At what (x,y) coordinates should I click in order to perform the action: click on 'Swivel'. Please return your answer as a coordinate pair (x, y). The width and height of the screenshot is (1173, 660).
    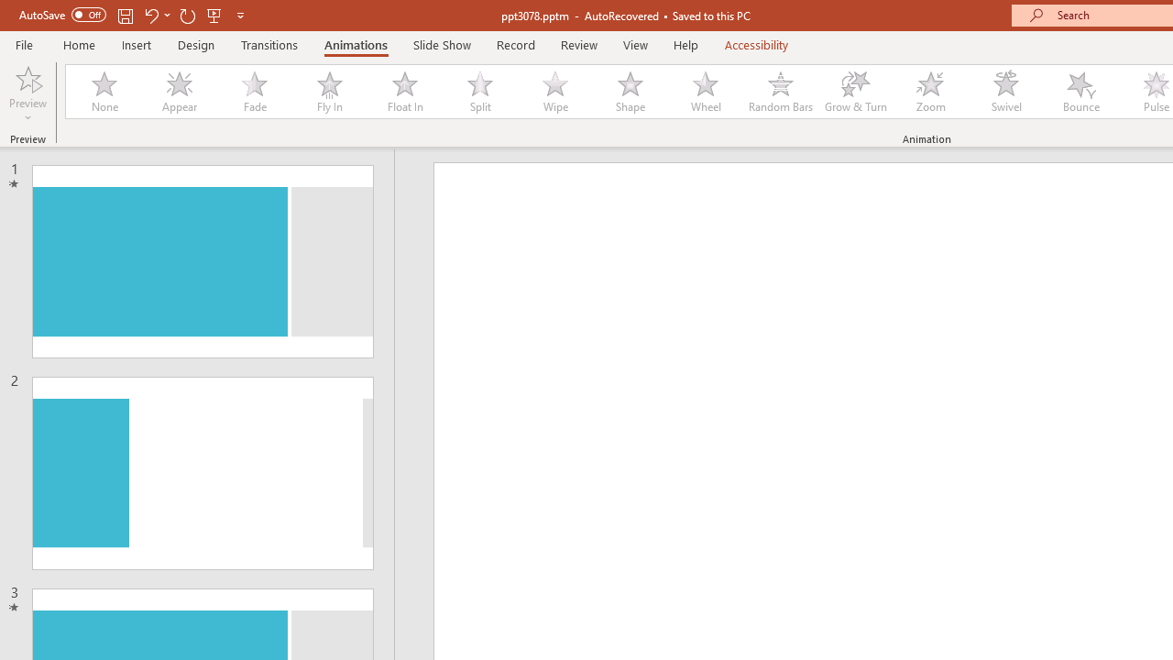
    Looking at the image, I should click on (1005, 92).